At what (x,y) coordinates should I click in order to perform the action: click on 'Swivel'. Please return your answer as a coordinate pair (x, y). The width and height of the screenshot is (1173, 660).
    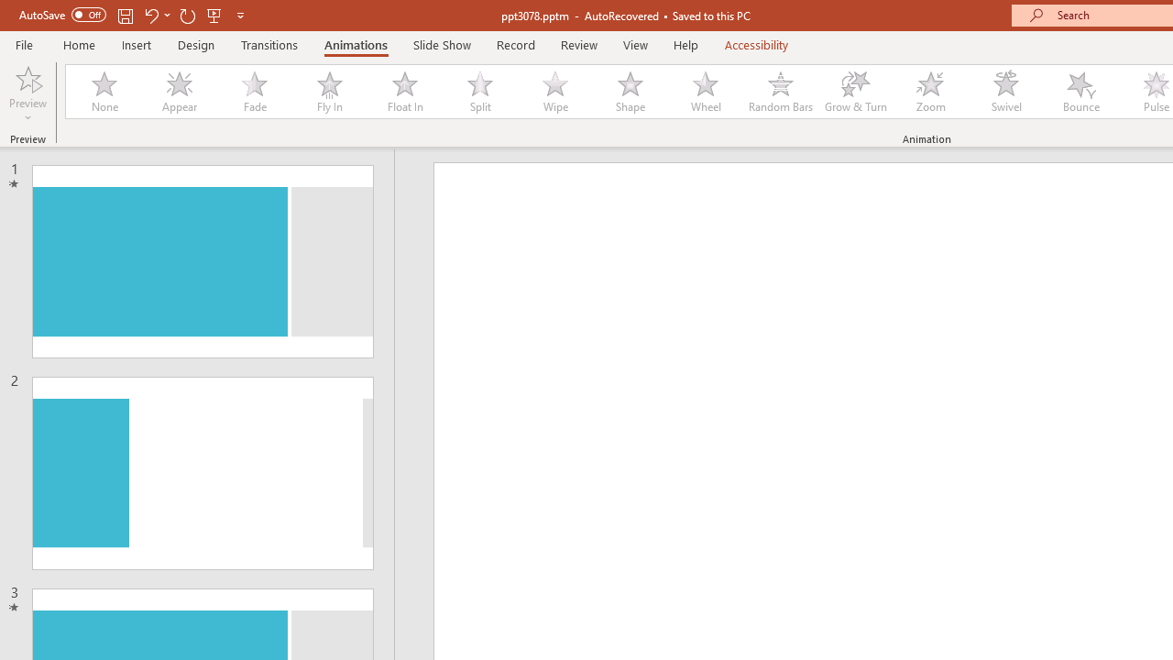
    Looking at the image, I should click on (1005, 92).